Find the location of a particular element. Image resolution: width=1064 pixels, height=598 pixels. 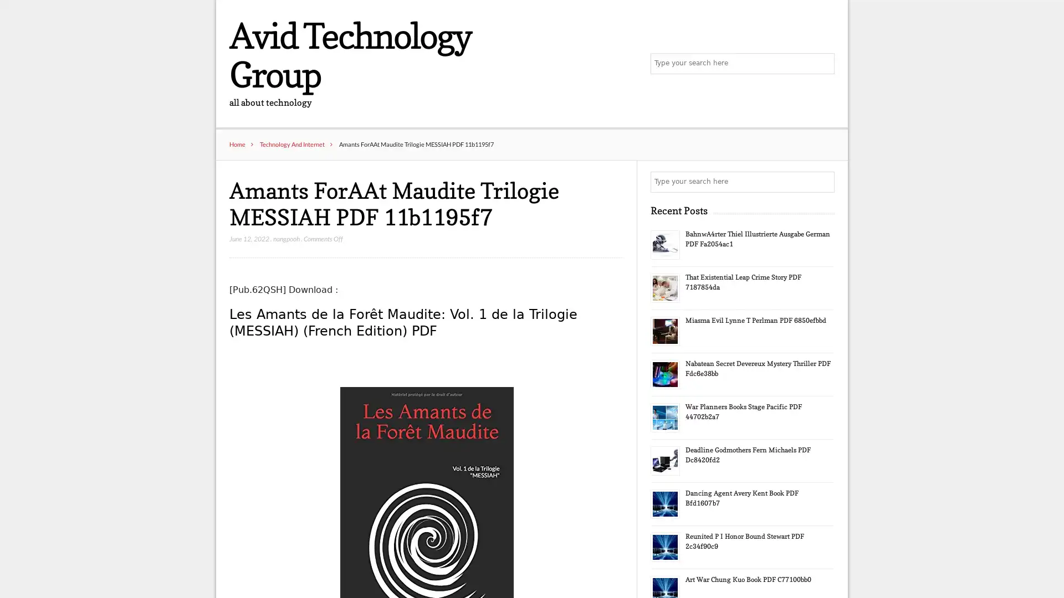

Search is located at coordinates (823, 64).